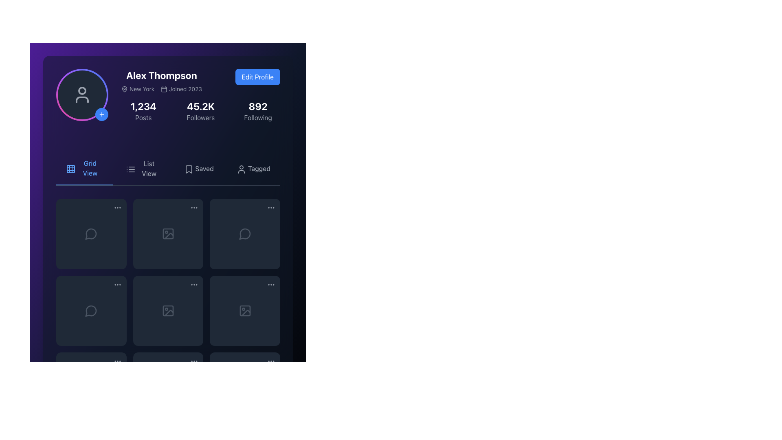 This screenshot has width=782, height=440. I want to click on the three-dotted options icon button located at the bottom-center of the grid of display panels, so click(194, 361).